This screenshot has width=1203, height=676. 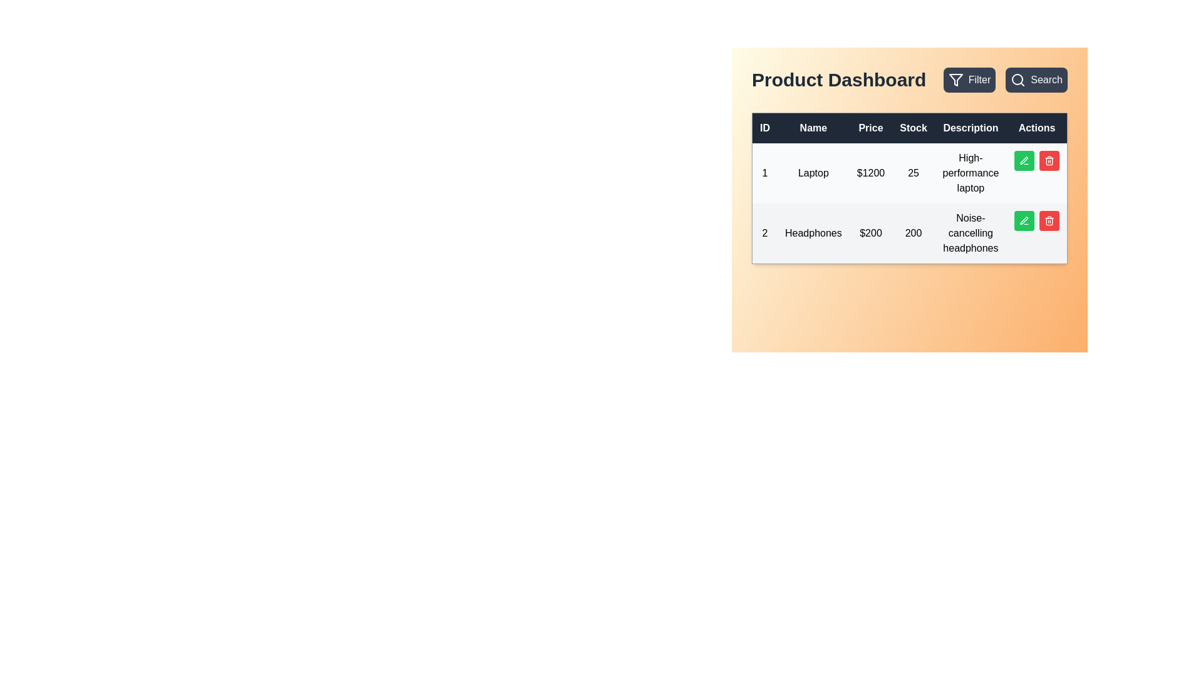 What do you see at coordinates (1024, 160) in the screenshot?
I see `the edit button icon in the 'Actions' column of the second row for the 'Headphones' product entry` at bounding box center [1024, 160].